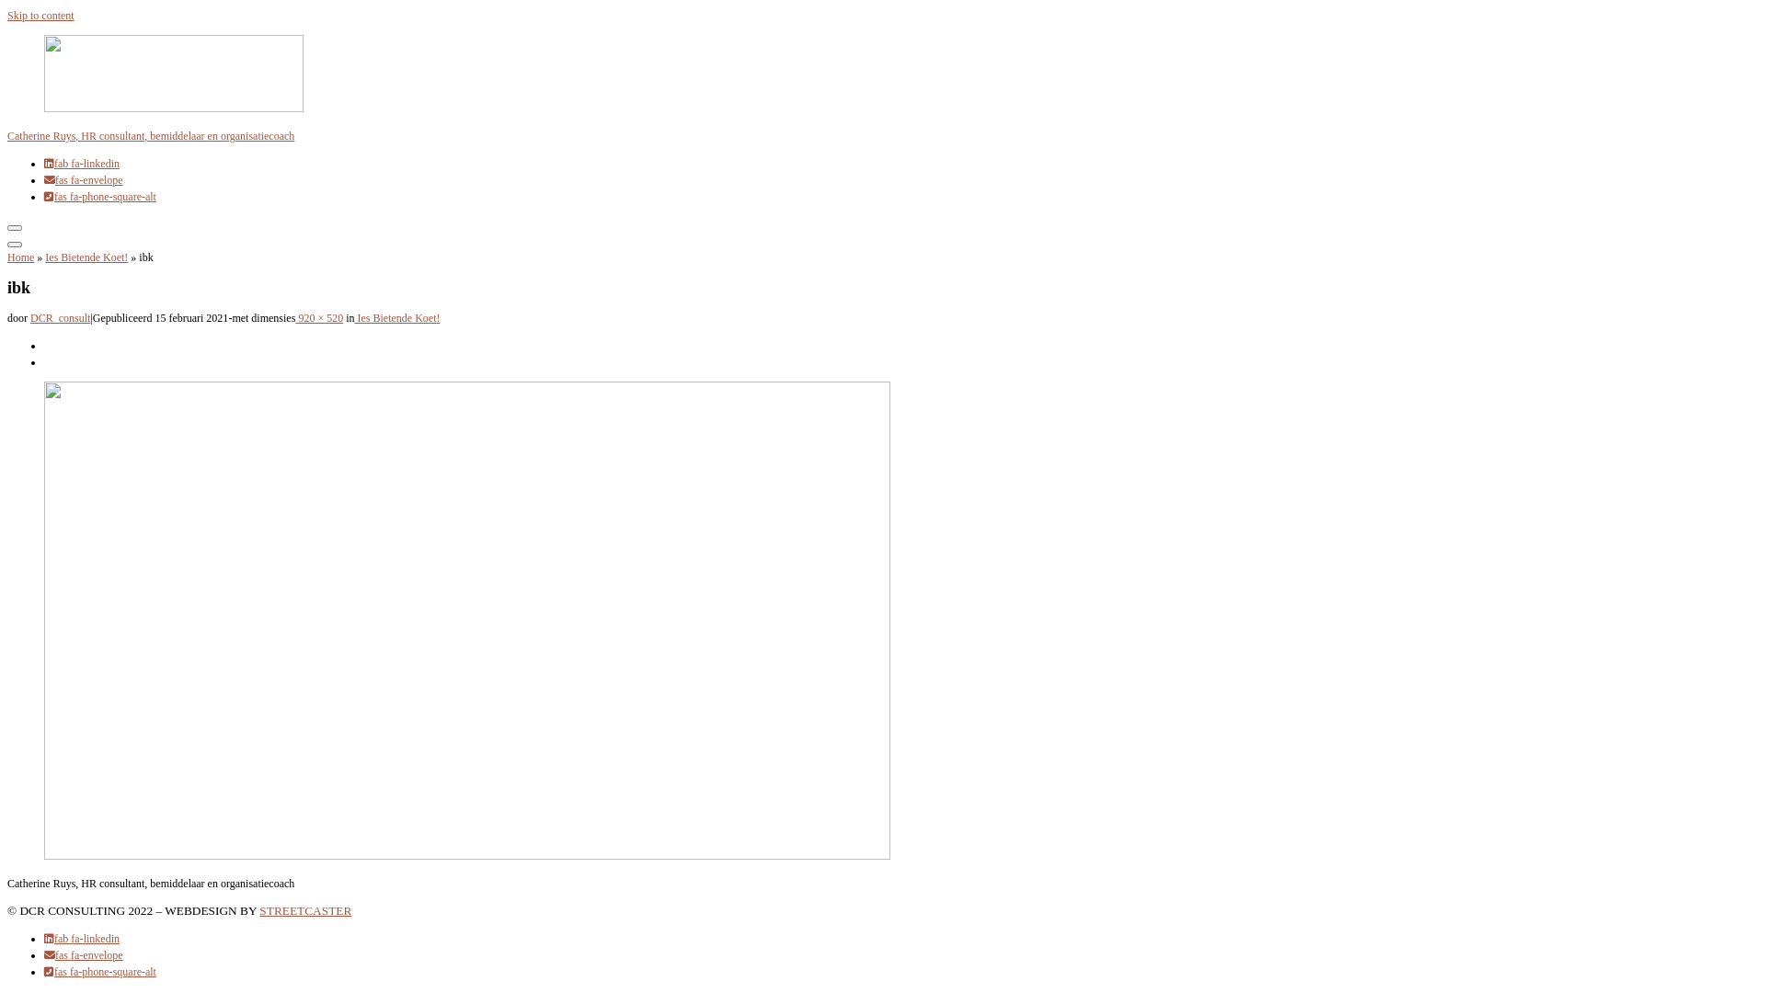  Describe the element at coordinates (44, 970) in the screenshot. I see `'fas fa-phone-square-alt'` at that location.